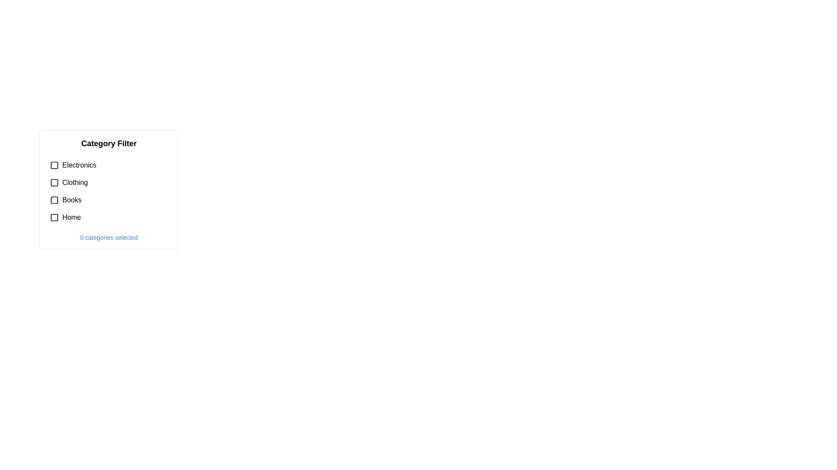 Image resolution: width=837 pixels, height=470 pixels. Describe the element at coordinates (54, 217) in the screenshot. I see `the checkbox to the left of the 'Home' label in the 'Category Filter' menu` at that location.